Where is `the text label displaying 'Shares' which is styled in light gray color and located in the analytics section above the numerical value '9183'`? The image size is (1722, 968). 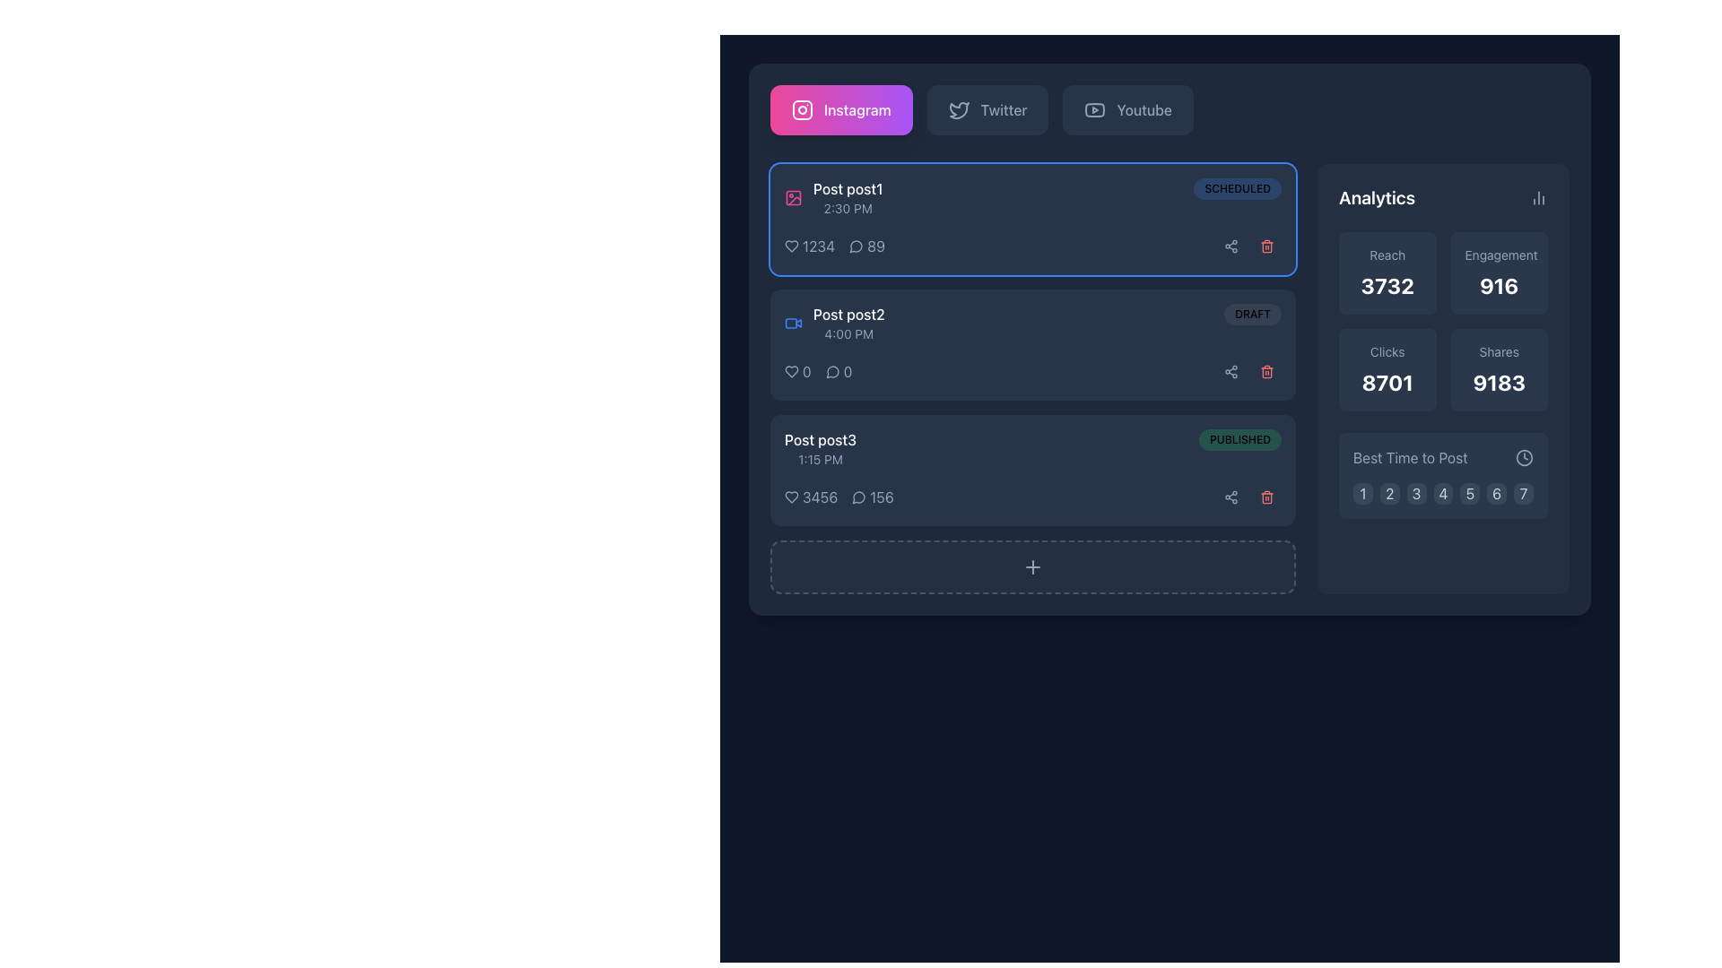
the text label displaying 'Shares' which is styled in light gray color and located in the analytics section above the numerical value '9183' is located at coordinates (1499, 352).